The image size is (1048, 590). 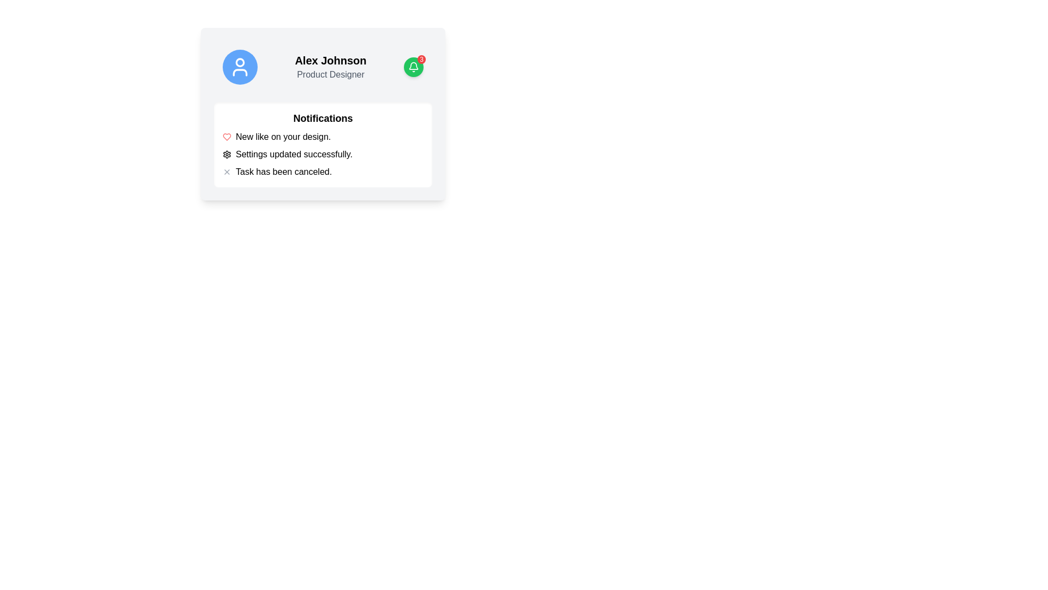 What do you see at coordinates (227, 154) in the screenshot?
I see `the outer part of the gear icon, which is a circular shape with toothed edges located in the upper right segment of the interface` at bounding box center [227, 154].